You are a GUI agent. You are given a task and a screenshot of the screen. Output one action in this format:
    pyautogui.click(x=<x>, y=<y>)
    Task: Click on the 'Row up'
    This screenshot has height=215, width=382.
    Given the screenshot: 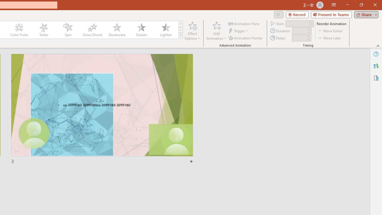 What is the action you would take?
    pyautogui.click(x=180, y=24)
    